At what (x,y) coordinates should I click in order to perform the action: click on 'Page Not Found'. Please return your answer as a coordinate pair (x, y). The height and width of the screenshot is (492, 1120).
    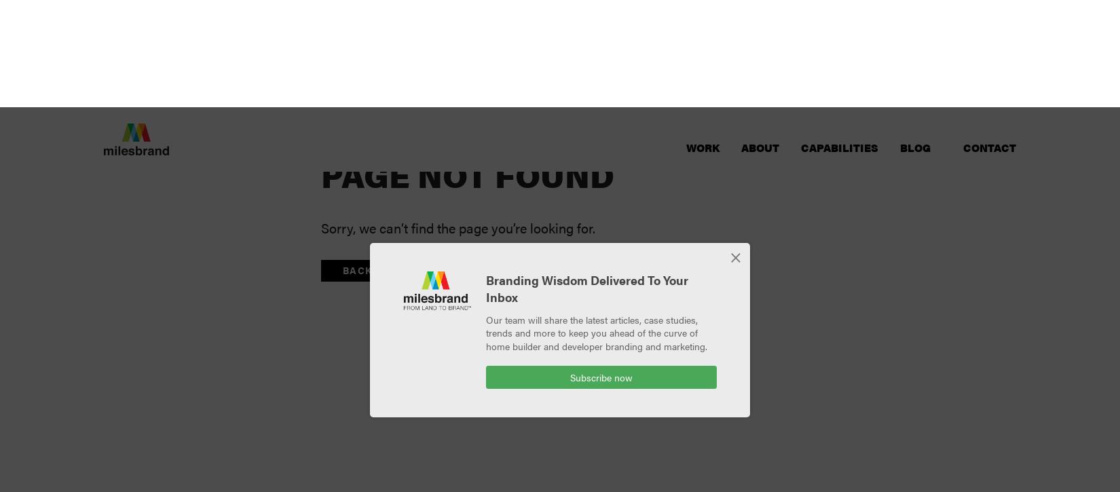
    Looking at the image, I should click on (320, 67).